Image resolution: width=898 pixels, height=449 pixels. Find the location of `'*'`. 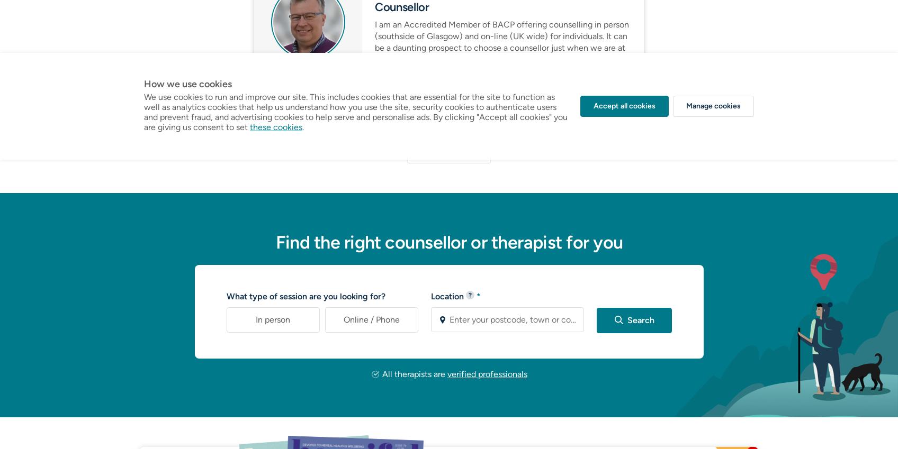

'*' is located at coordinates (478, 296).